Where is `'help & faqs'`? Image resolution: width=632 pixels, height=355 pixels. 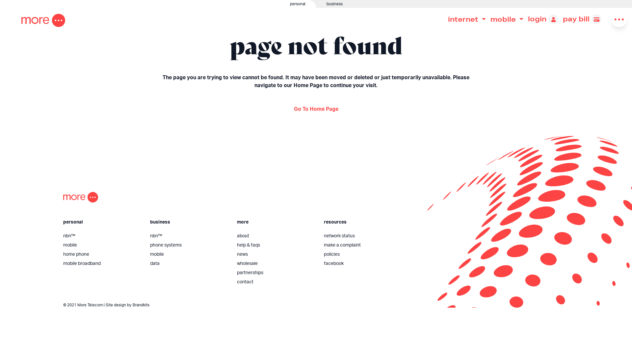 'help & faqs' is located at coordinates (237, 245).